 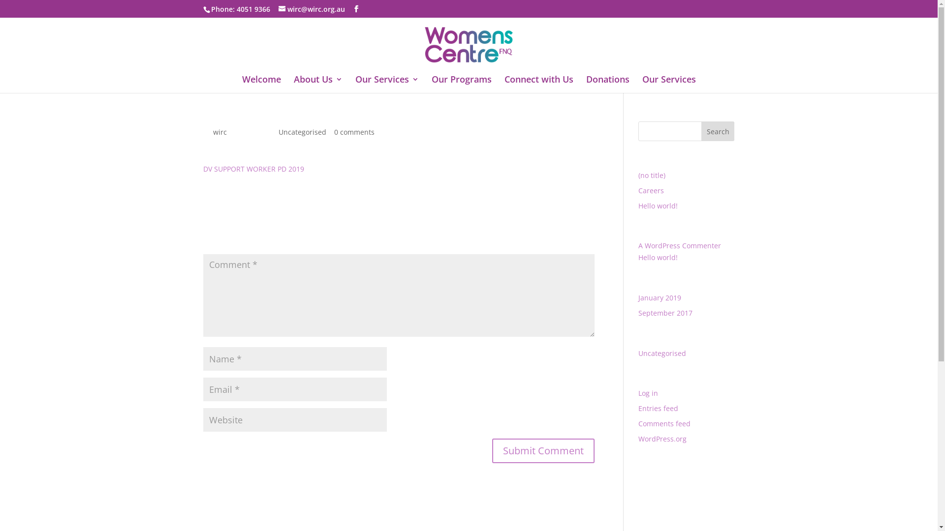 What do you see at coordinates (662, 438) in the screenshot?
I see `'WordPress.org'` at bounding box center [662, 438].